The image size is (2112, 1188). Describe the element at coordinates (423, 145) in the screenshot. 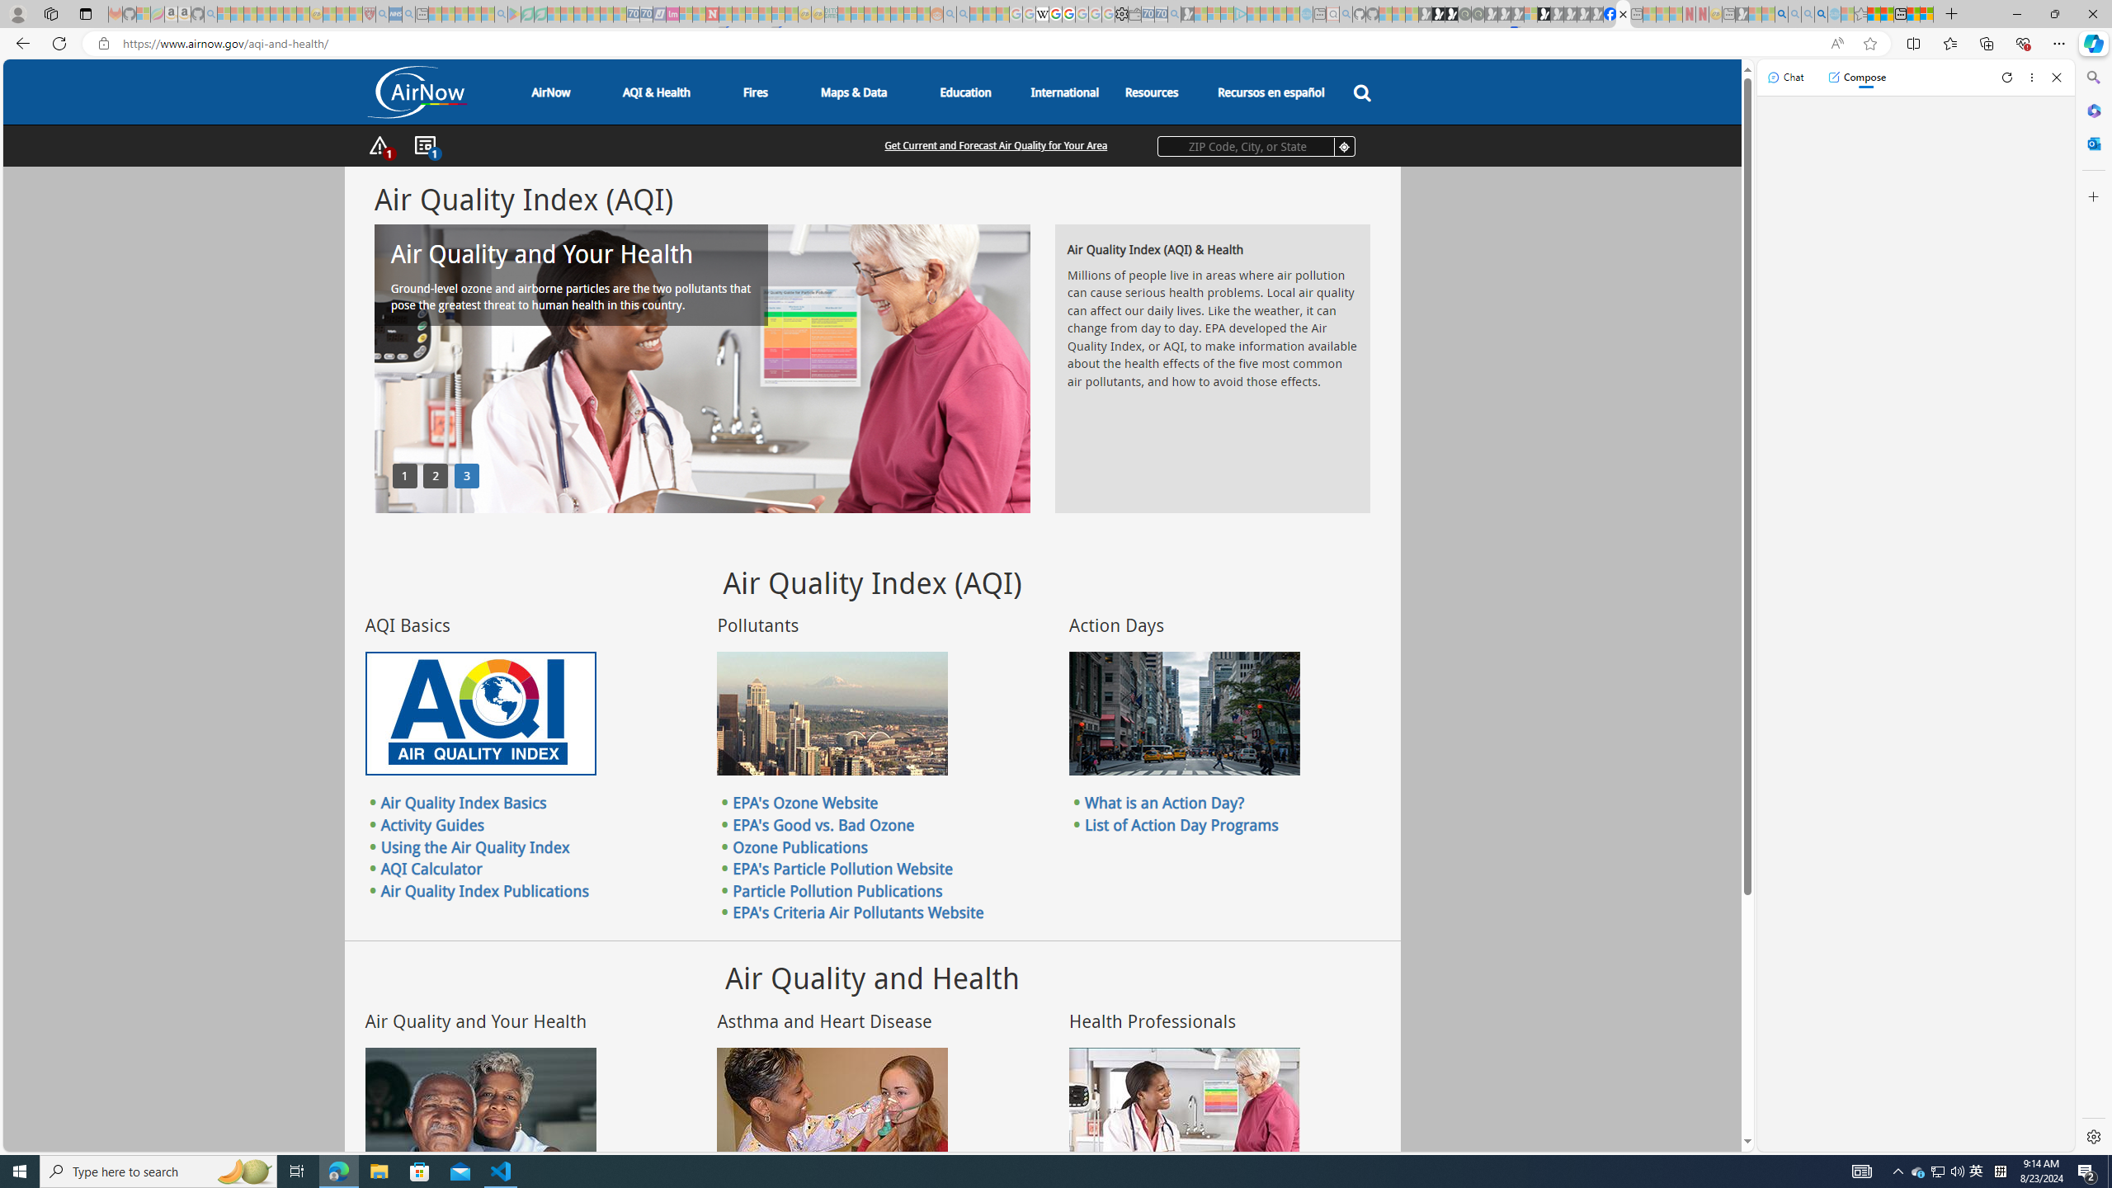

I see `'AutomationID: nav-announcements-toggle'` at that location.